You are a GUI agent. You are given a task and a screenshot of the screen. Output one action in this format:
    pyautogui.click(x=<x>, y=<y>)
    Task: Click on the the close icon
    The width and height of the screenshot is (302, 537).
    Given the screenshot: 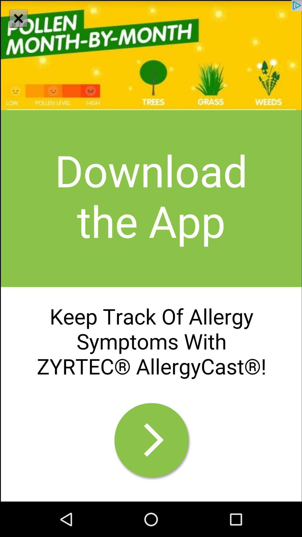 What is the action you would take?
    pyautogui.click(x=25, y=27)
    